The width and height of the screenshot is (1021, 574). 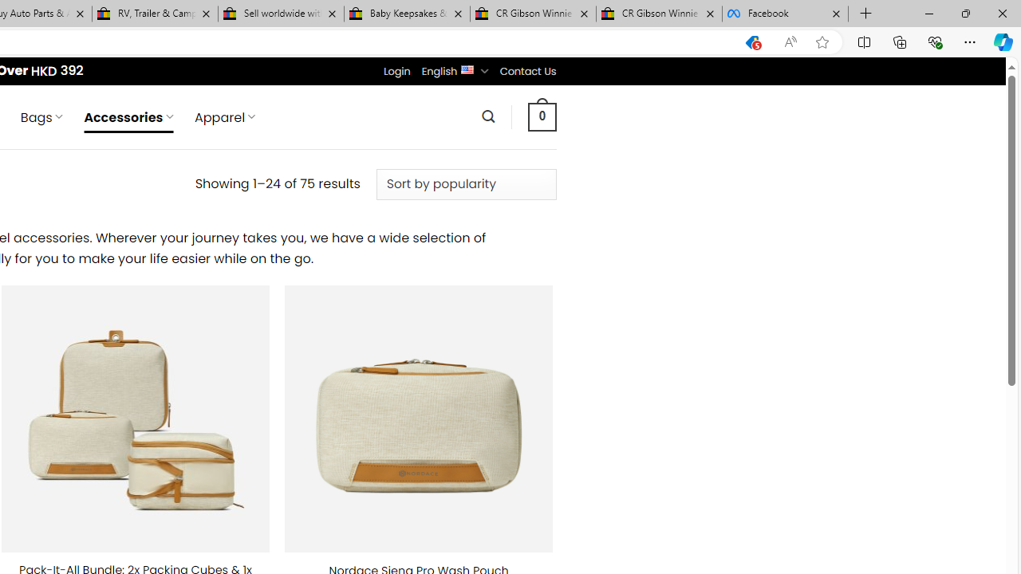 What do you see at coordinates (527, 70) in the screenshot?
I see `'Contact Us'` at bounding box center [527, 70].